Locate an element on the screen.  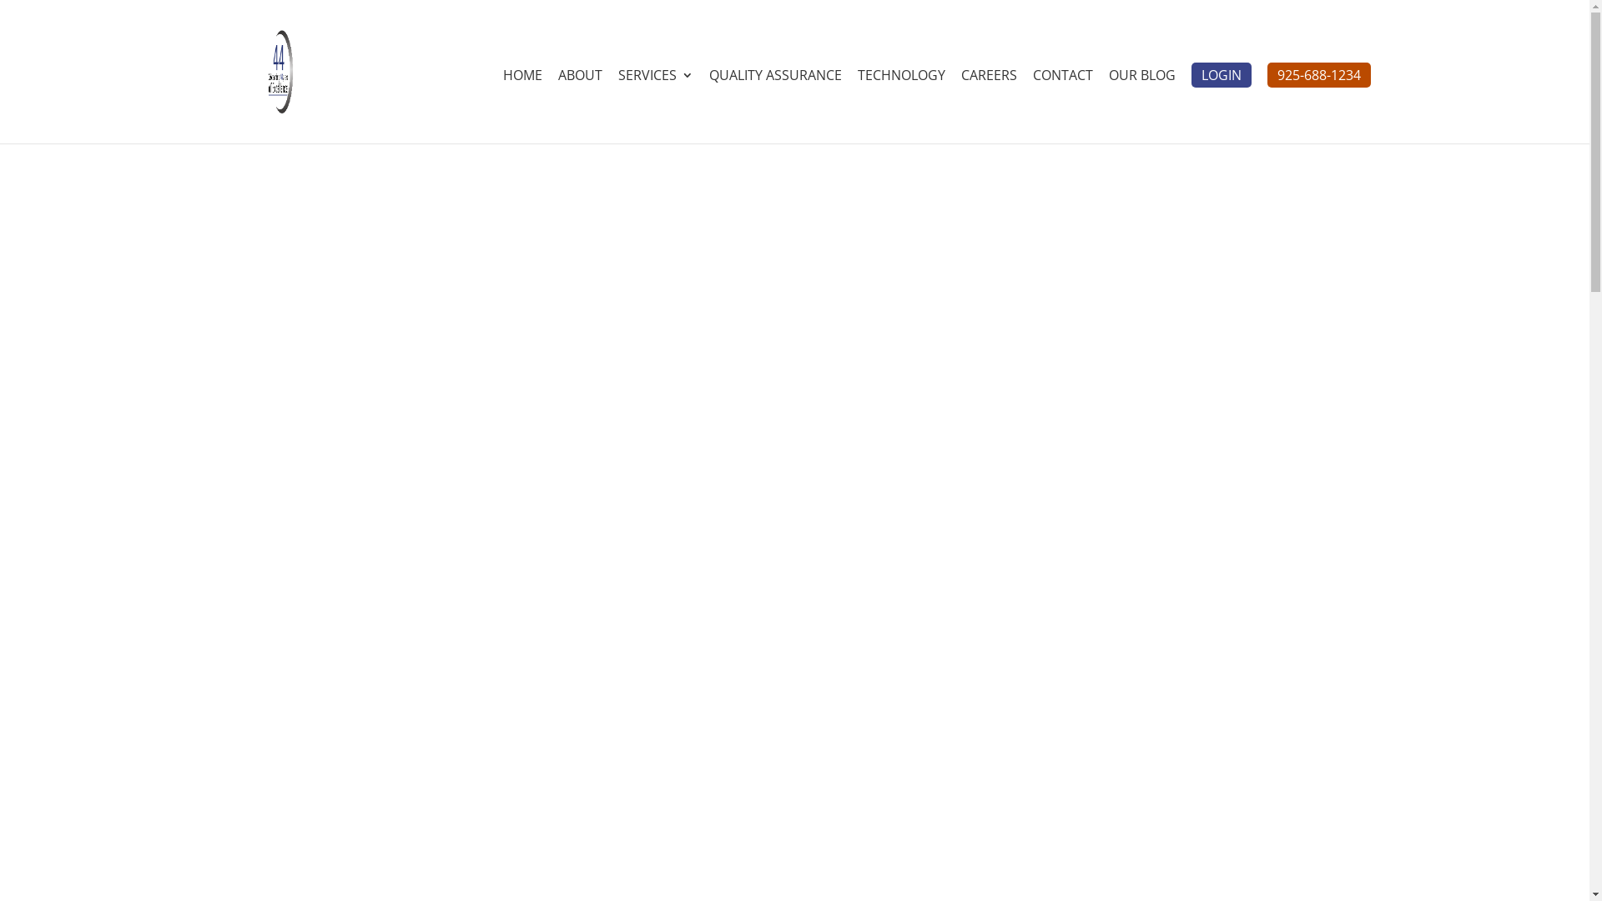
'CAREERS' is located at coordinates (989, 106).